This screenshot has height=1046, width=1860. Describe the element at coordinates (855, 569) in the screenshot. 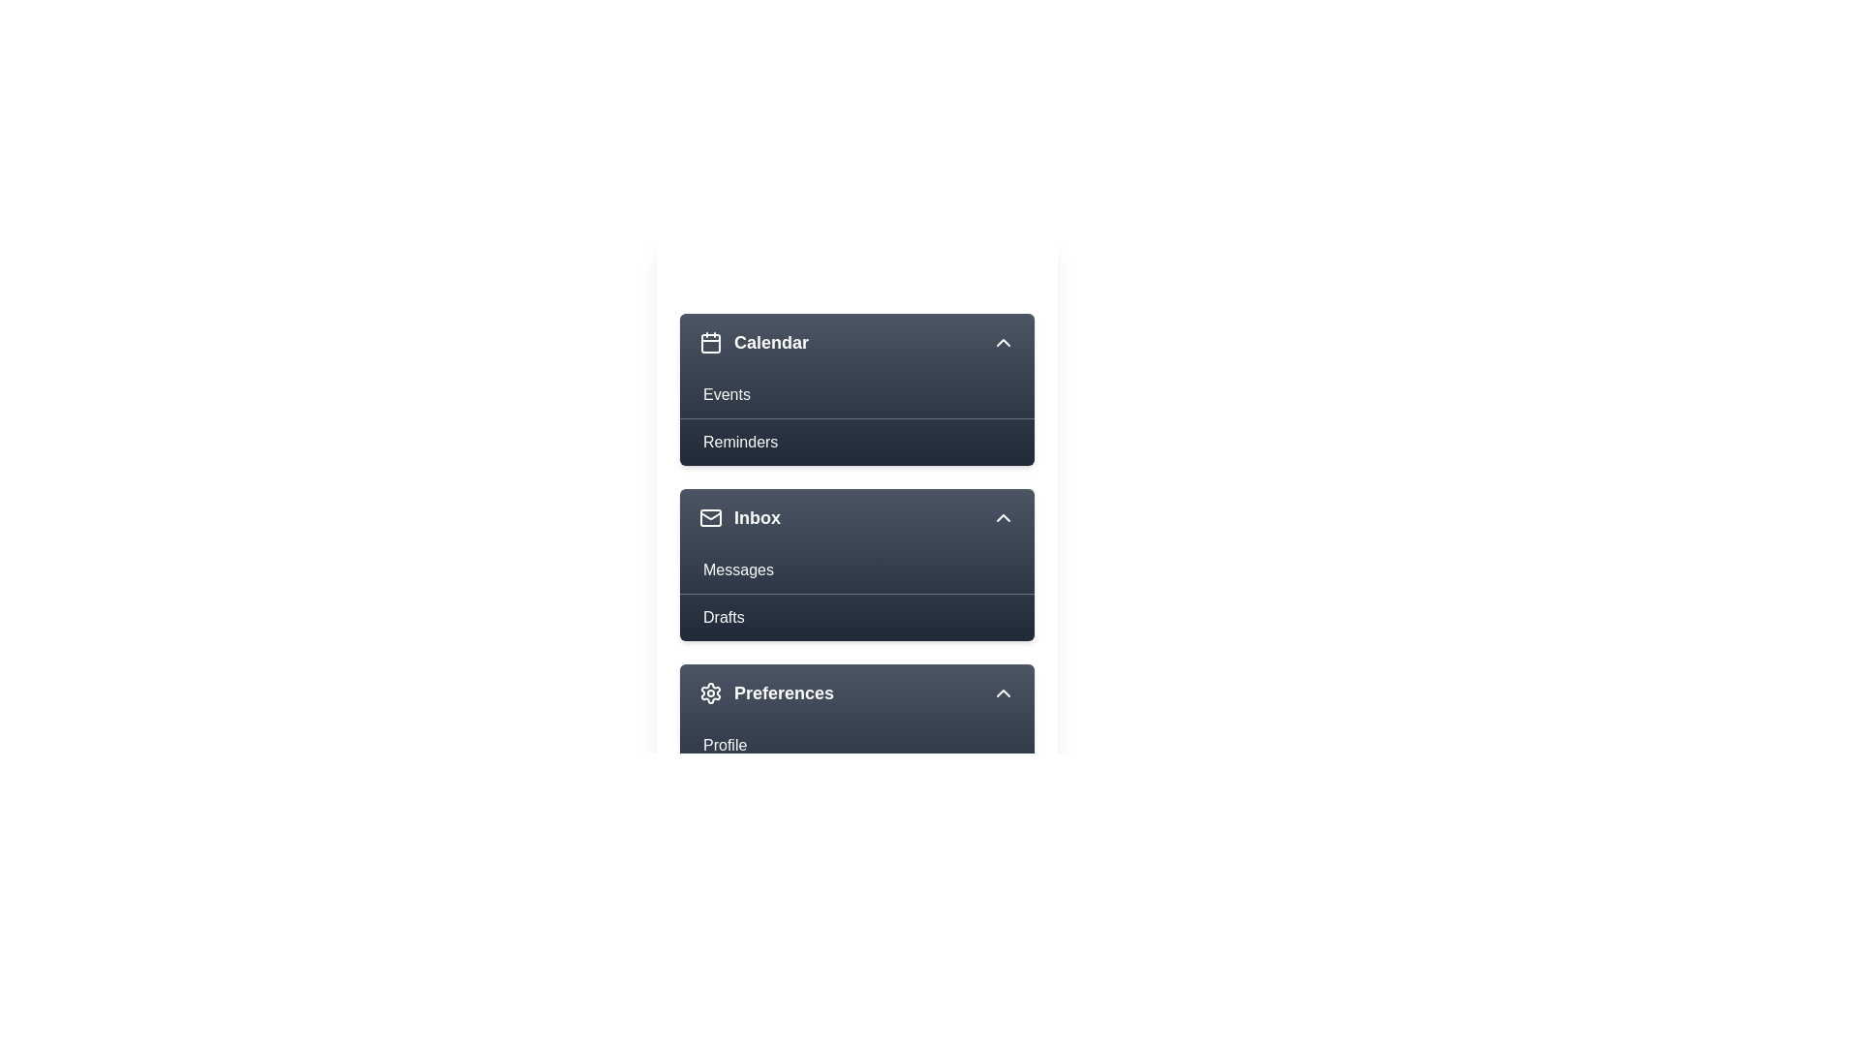

I see `the menu item Messages from the section Inbox` at that location.